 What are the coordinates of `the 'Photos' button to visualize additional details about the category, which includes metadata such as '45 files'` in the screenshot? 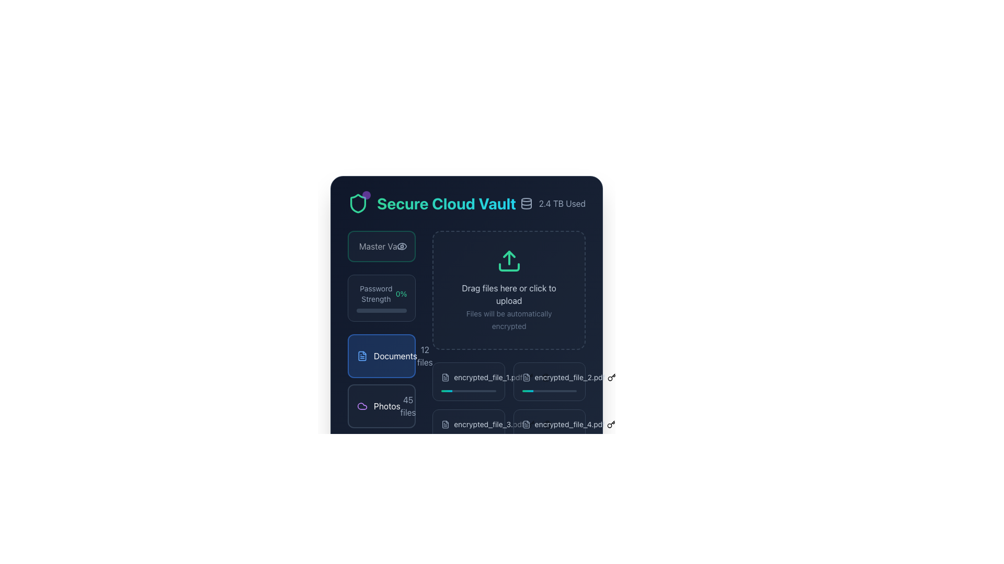 It's located at (381, 406).